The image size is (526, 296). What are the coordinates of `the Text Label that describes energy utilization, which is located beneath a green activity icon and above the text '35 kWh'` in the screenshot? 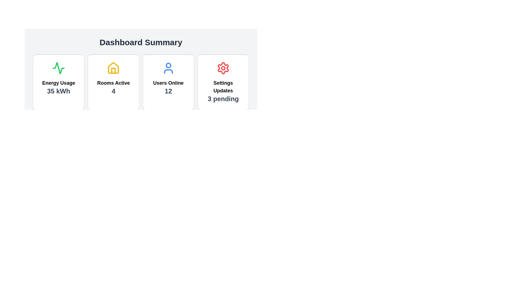 It's located at (59, 83).